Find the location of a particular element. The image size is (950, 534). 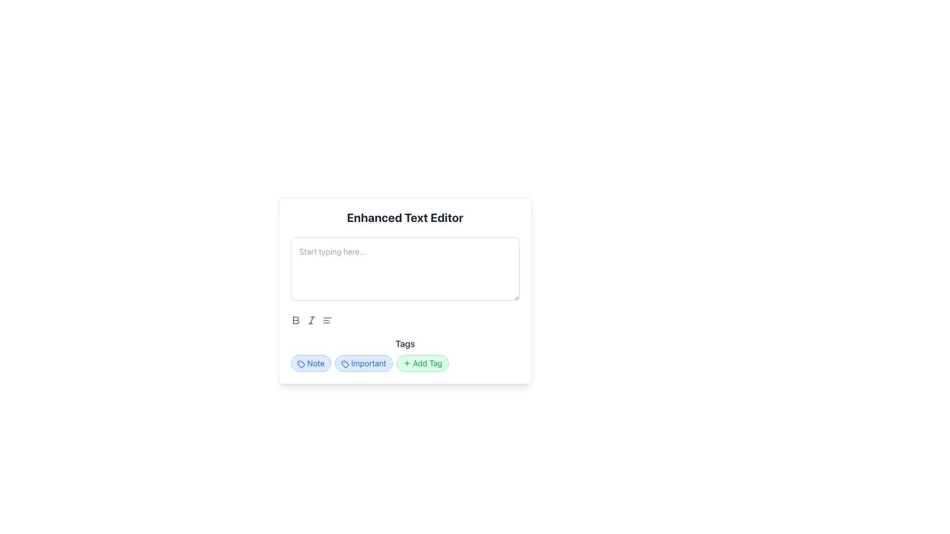

on the bold 'B' icon in the toolbar located leftmost among formatting options is located at coordinates (295, 320).